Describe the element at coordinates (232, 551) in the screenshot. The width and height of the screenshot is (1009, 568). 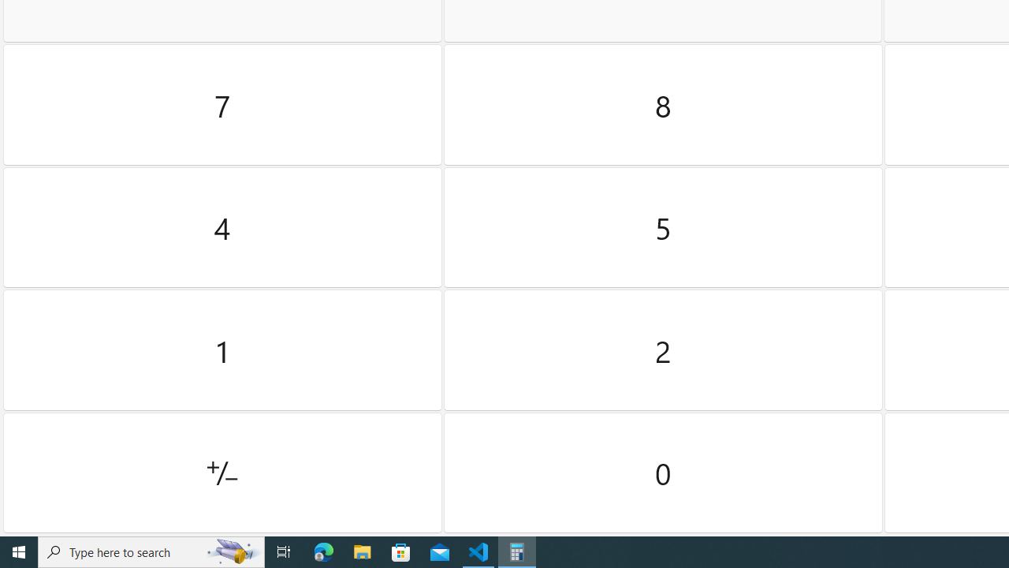
I see `'Search highlights icon opens search home window'` at that location.